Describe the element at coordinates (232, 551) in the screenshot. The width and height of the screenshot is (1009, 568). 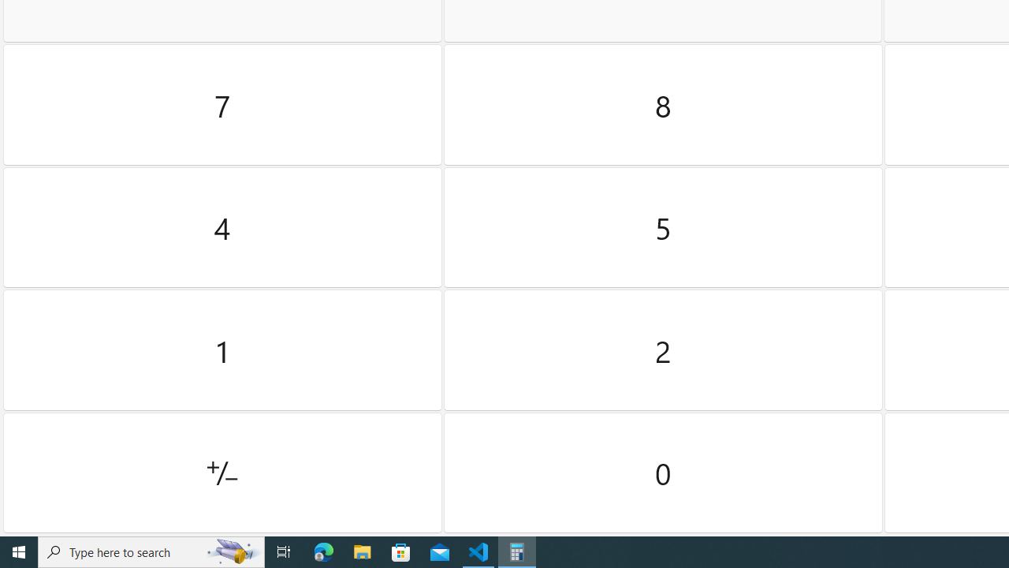
I see `'Search highlights icon opens search home window'` at that location.